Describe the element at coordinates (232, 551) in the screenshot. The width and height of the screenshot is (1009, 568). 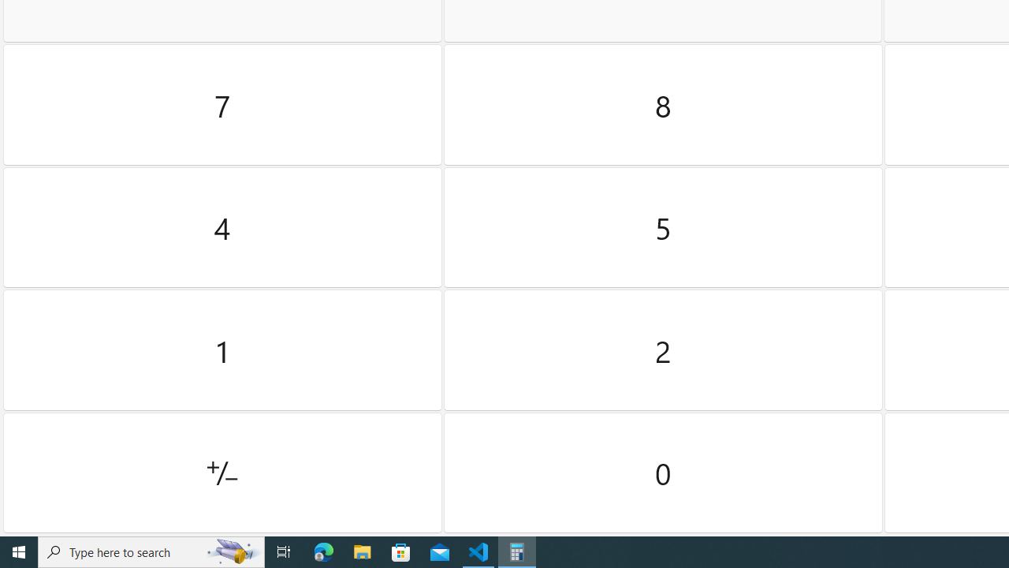
I see `'Search highlights icon opens search home window'` at that location.